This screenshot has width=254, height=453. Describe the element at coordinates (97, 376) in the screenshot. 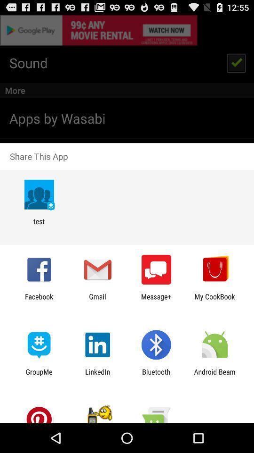

I see `the icon to the left of the bluetooth` at that location.